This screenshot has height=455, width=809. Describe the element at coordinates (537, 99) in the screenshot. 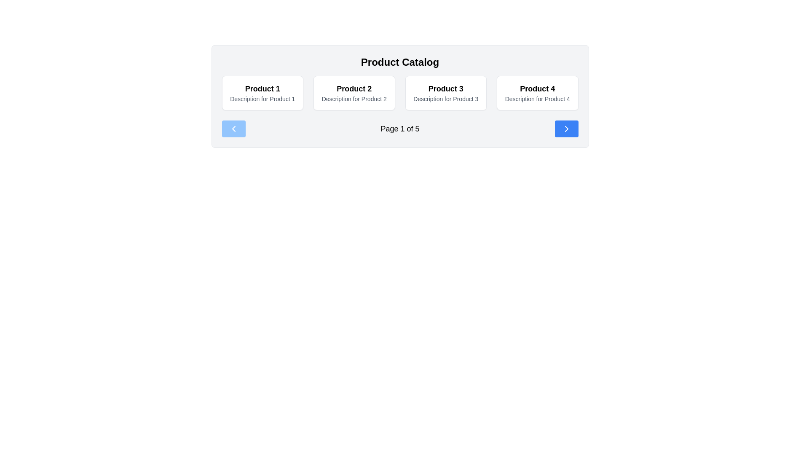

I see `the text label displaying 'Description for Product 4', which is a small gray text positioned below the title 'Product 4' within its product card` at that location.